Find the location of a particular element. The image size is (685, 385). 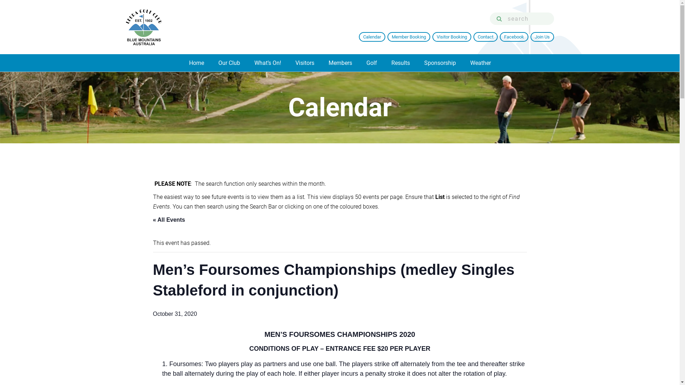

'Member Booking' is located at coordinates (409, 37).